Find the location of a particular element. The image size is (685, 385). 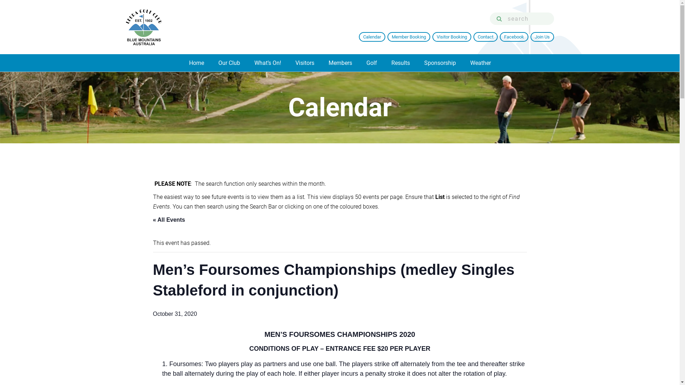

'Member Booking' is located at coordinates (409, 37).